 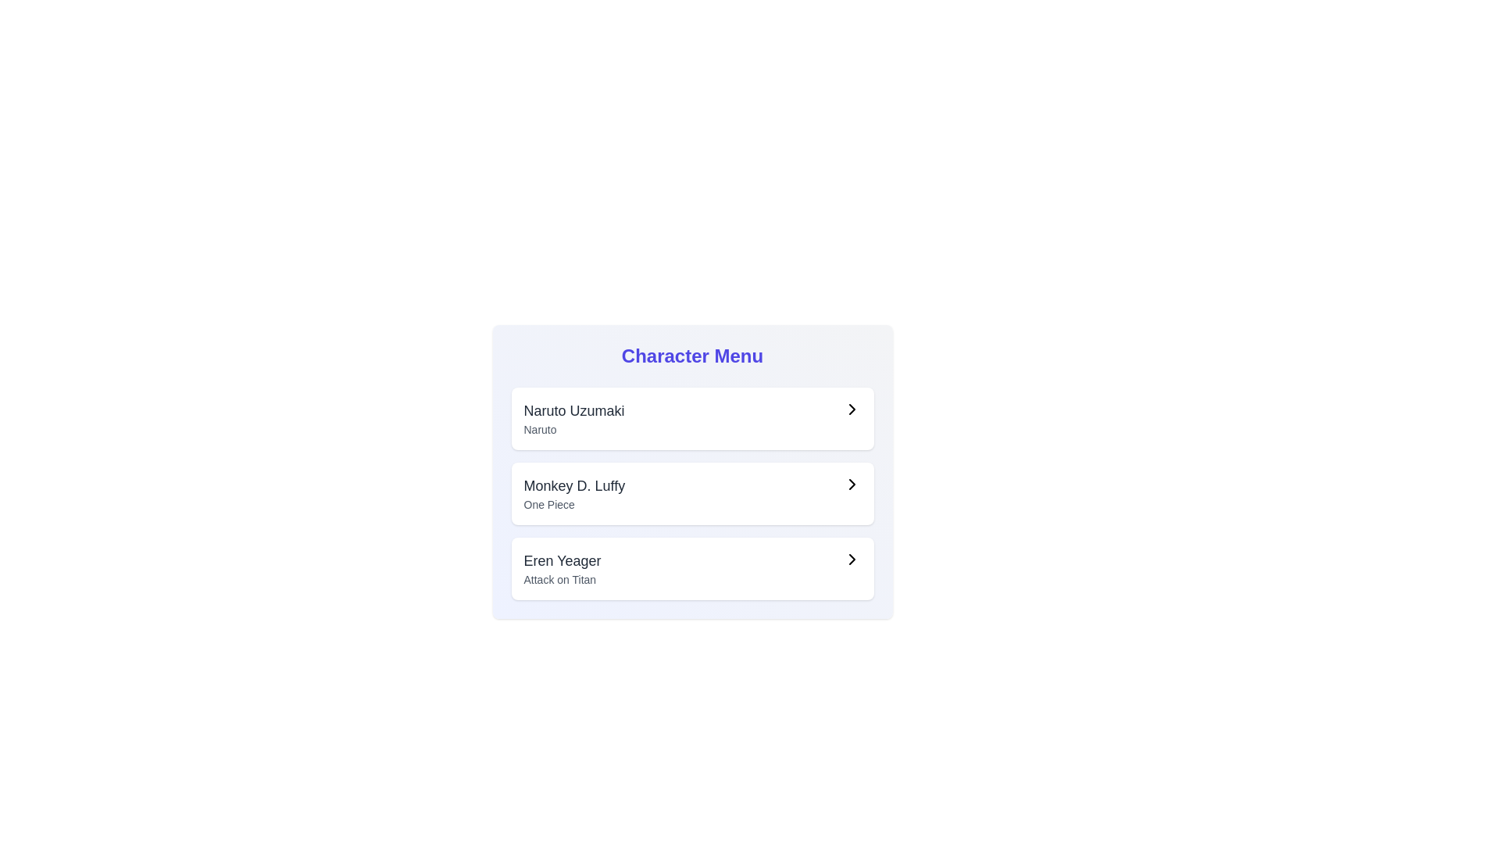 What do you see at coordinates (573, 409) in the screenshot?
I see `the text label displaying 'Naruto Uzumaki', which is styled with a large bold font and dark gray color, located in the first list item of the Character Menu` at bounding box center [573, 409].